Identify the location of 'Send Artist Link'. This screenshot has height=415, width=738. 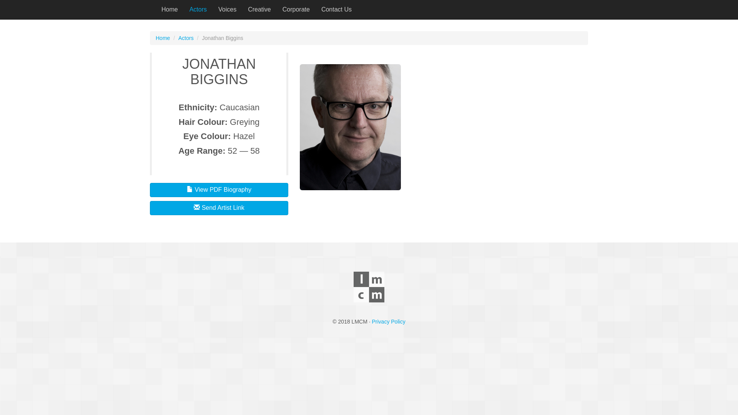
(219, 208).